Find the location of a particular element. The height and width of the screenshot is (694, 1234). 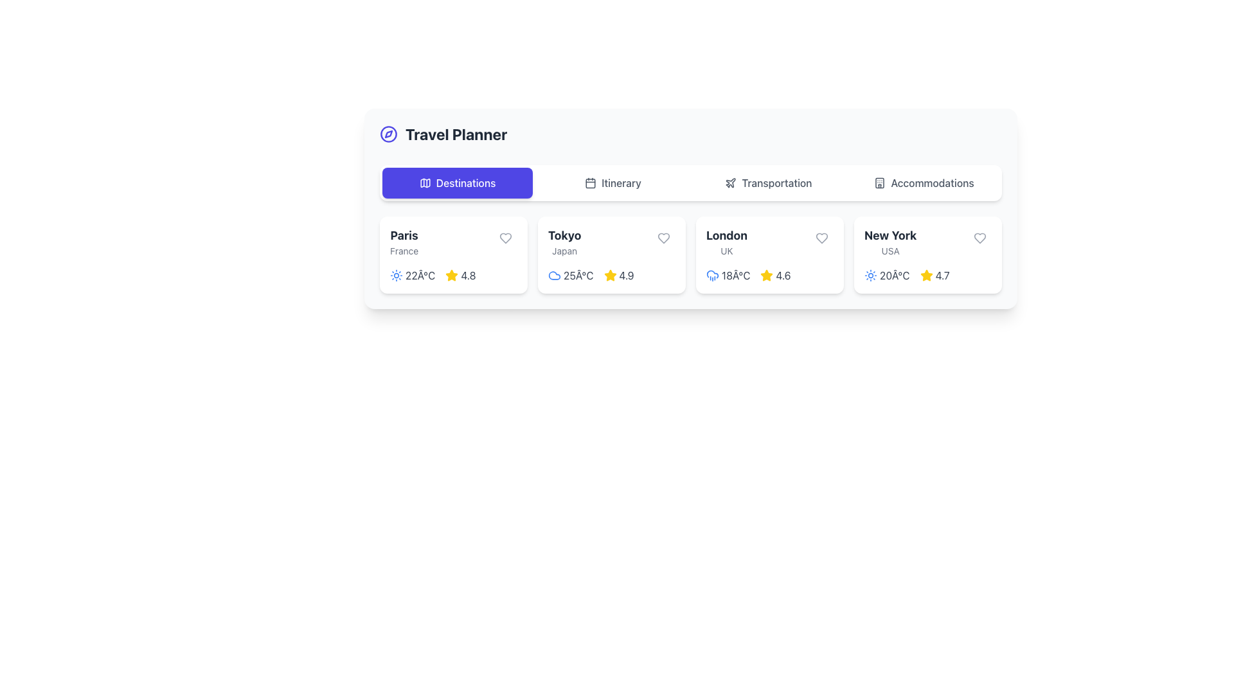

the rating indicator for 'Tokyo, Japan', which features a star icon and a numerical value, located in the third card from the left, below '25°C', towards the right side of the card is located at coordinates (619, 274).